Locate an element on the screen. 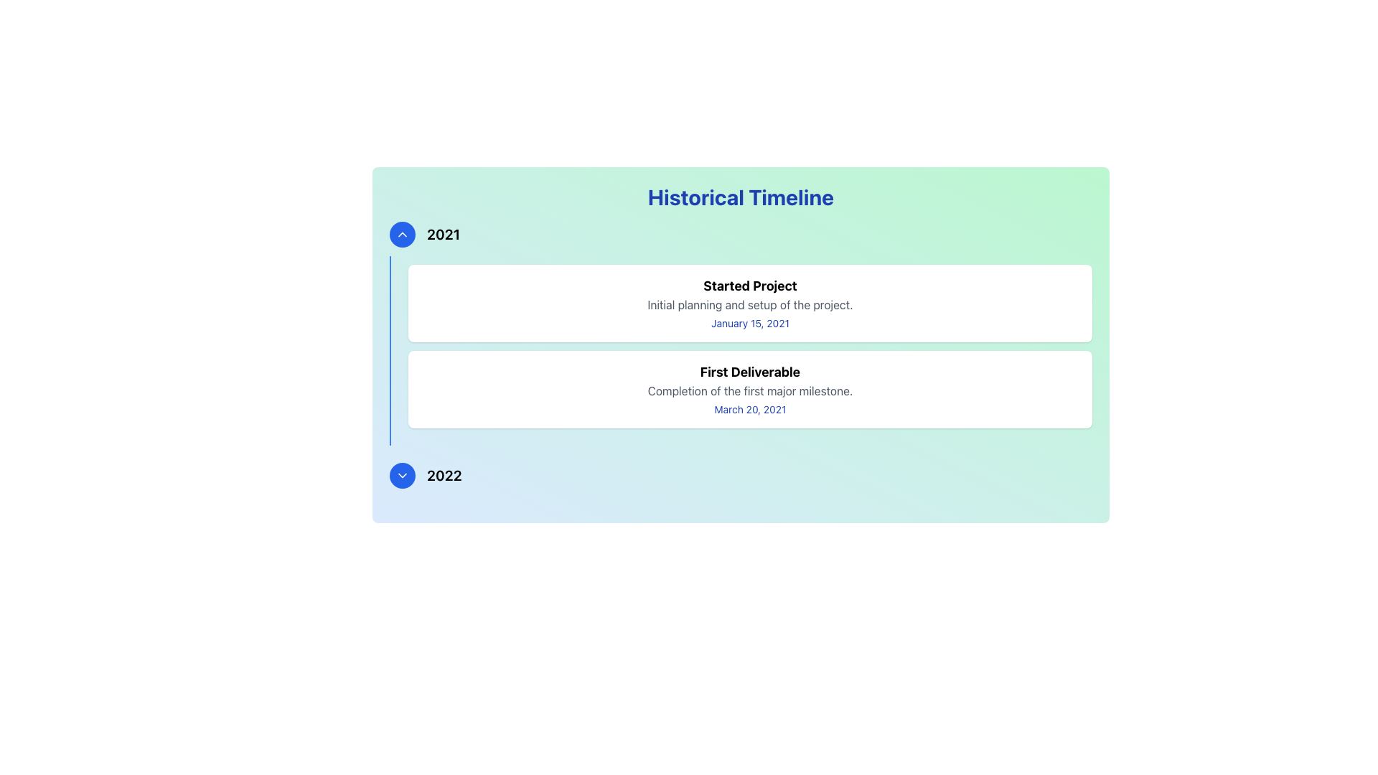  text from the first Content card on the timeline event titled 'Started Project', which is outlined in a blue border and located above the 'First Deliverable' card is located at coordinates (749, 303).